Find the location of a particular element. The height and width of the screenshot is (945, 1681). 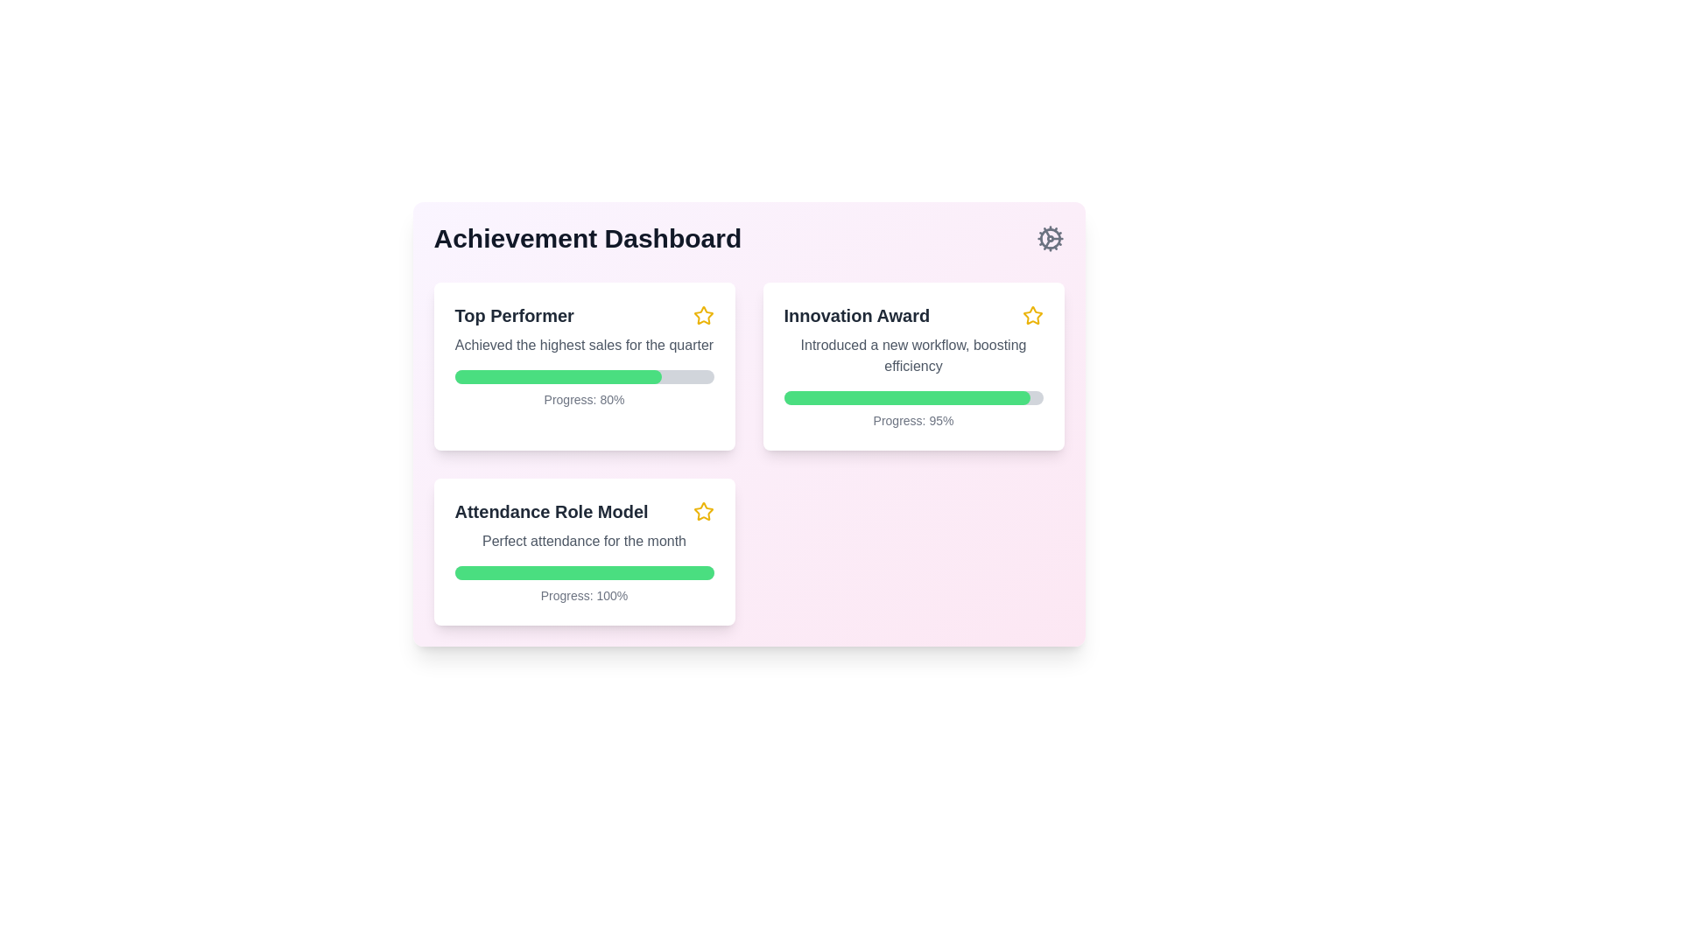

the gear icon by clicking on its central circular part, which is grayish and located in the top-right corner of the interface is located at coordinates (1050, 239).